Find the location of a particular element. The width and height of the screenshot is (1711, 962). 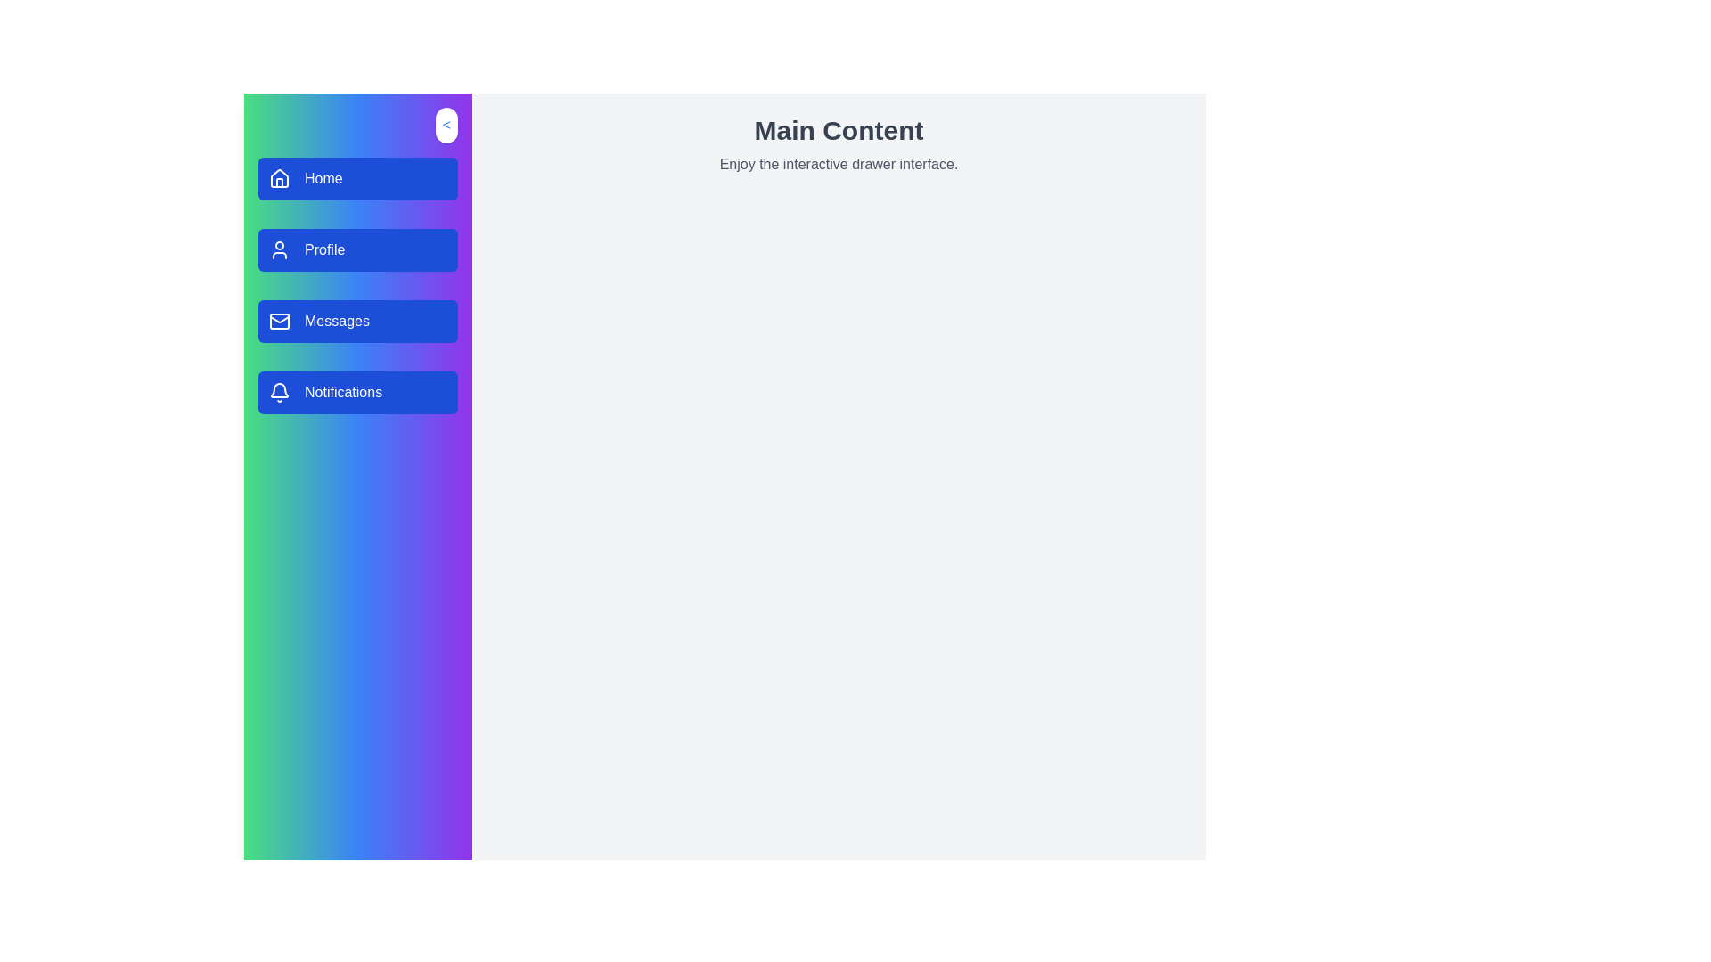

the envelope icon, which visually represents the 'Messages' button is located at coordinates (278, 318).